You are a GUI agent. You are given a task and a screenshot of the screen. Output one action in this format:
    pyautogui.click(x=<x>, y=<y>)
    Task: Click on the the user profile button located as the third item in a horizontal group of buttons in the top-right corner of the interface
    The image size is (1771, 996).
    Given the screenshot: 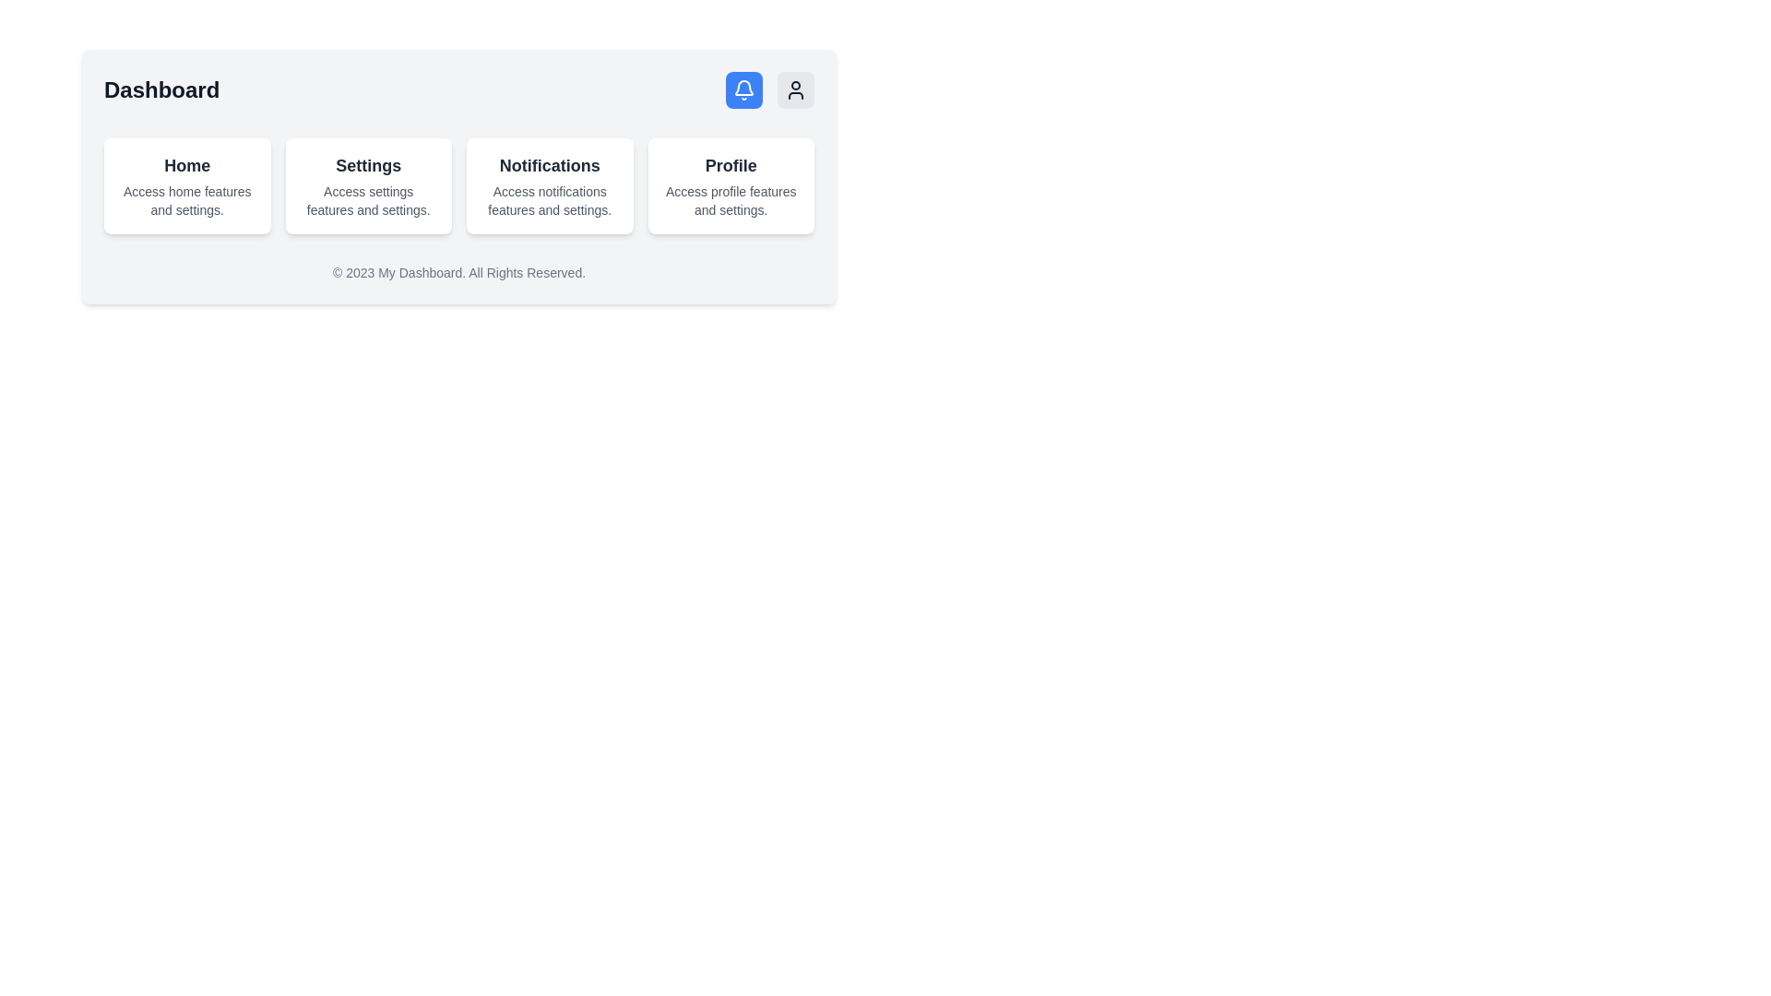 What is the action you would take?
    pyautogui.click(x=796, y=89)
    